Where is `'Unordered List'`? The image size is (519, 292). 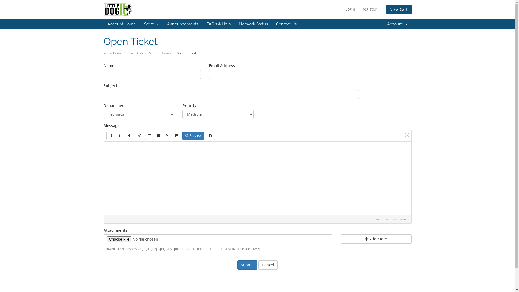 'Unordered List' is located at coordinates (145, 135).